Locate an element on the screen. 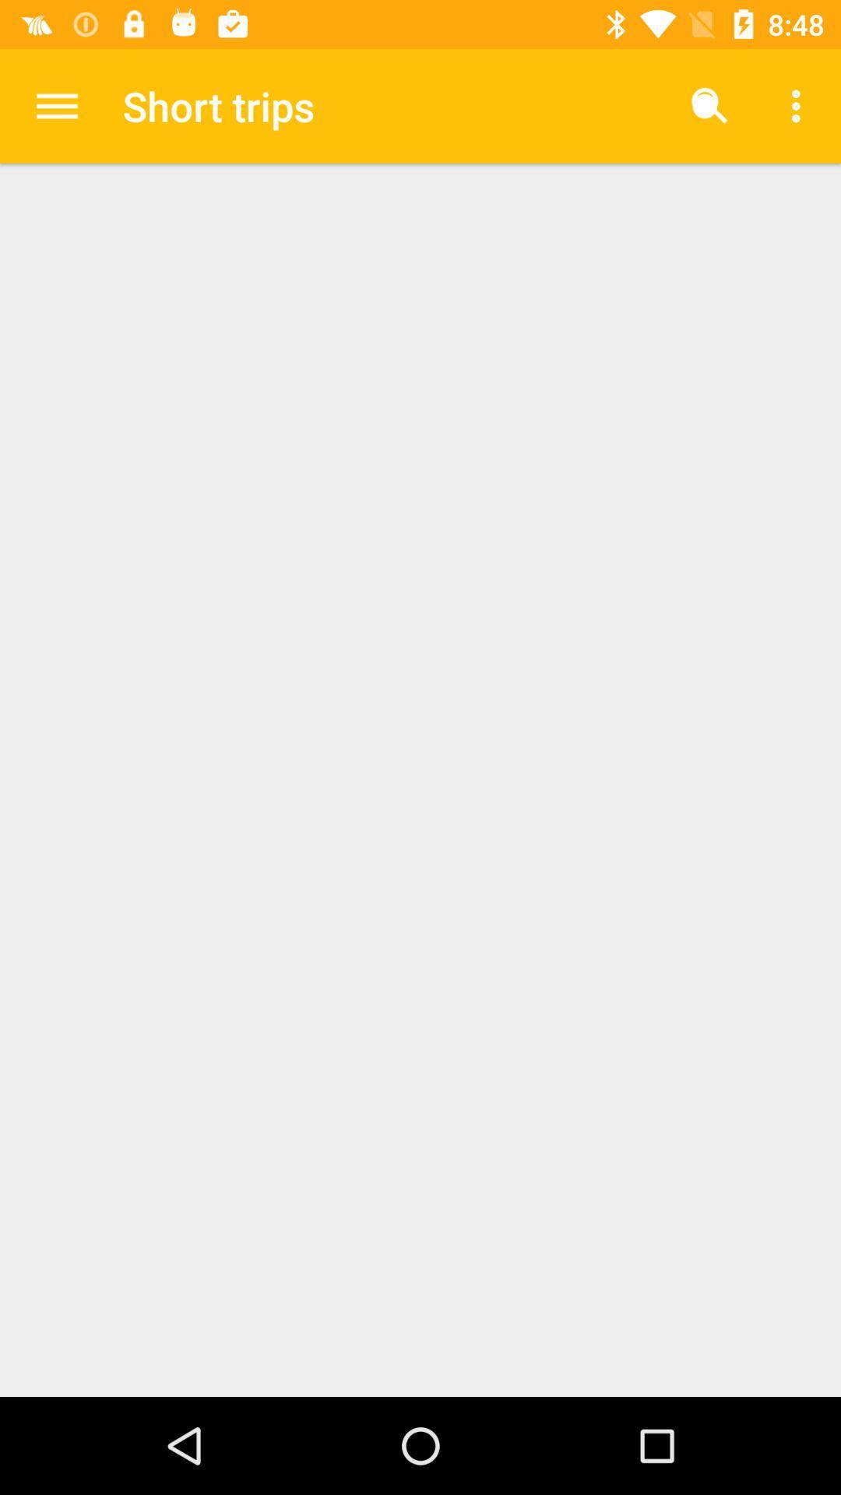  icon to the right of the short trips is located at coordinates (709, 105).